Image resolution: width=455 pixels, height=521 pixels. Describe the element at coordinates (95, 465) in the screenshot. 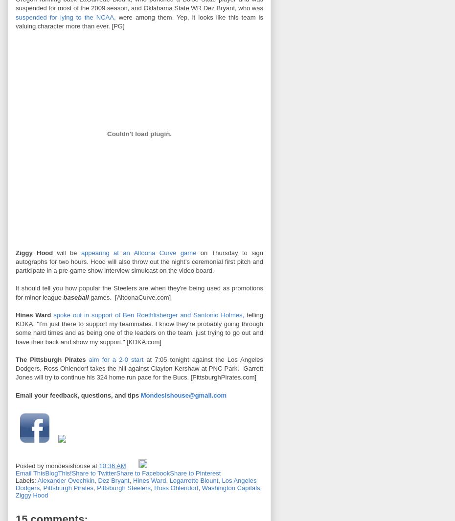

I see `'at'` at that location.